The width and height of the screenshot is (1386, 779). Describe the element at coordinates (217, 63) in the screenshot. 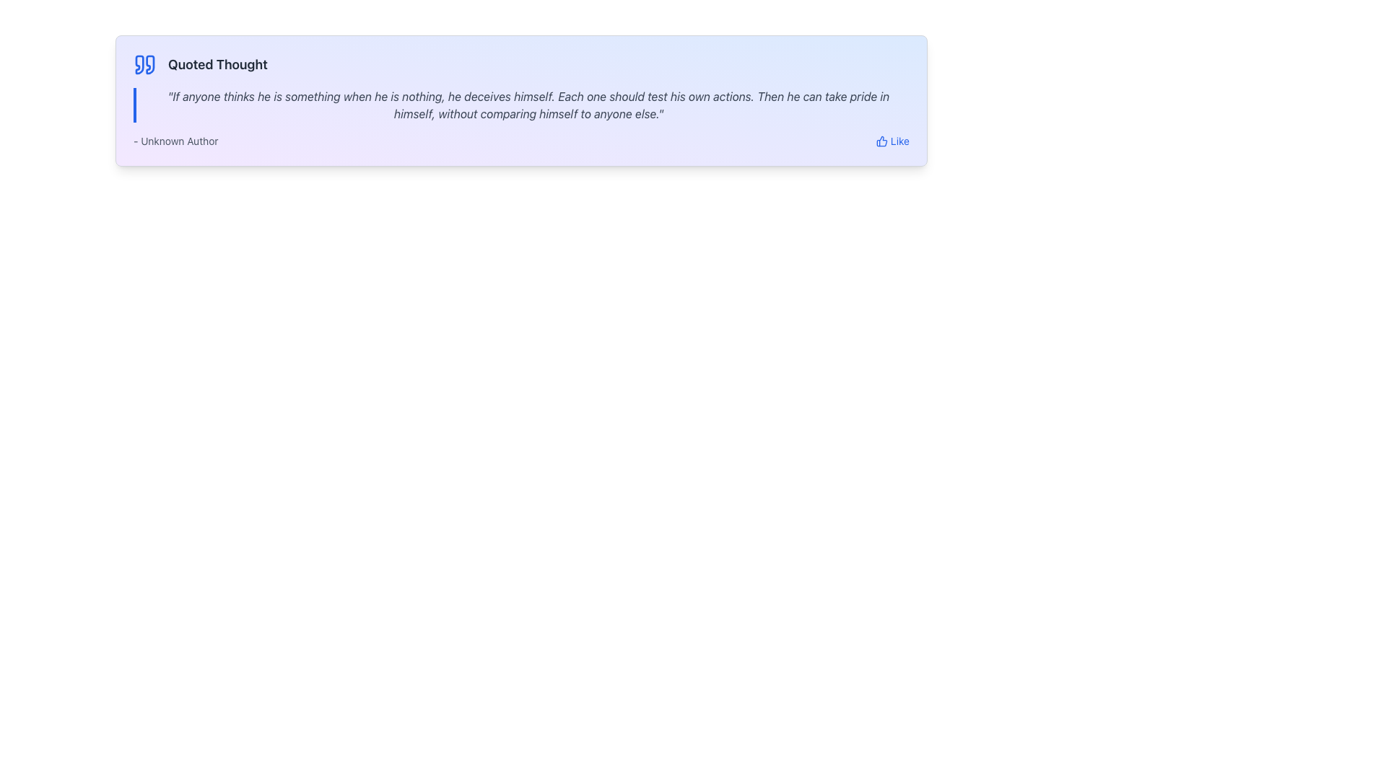

I see `text content of the 'Quoted Thought' label, which is a bold black text located in the top-left section of the quotation block` at that location.